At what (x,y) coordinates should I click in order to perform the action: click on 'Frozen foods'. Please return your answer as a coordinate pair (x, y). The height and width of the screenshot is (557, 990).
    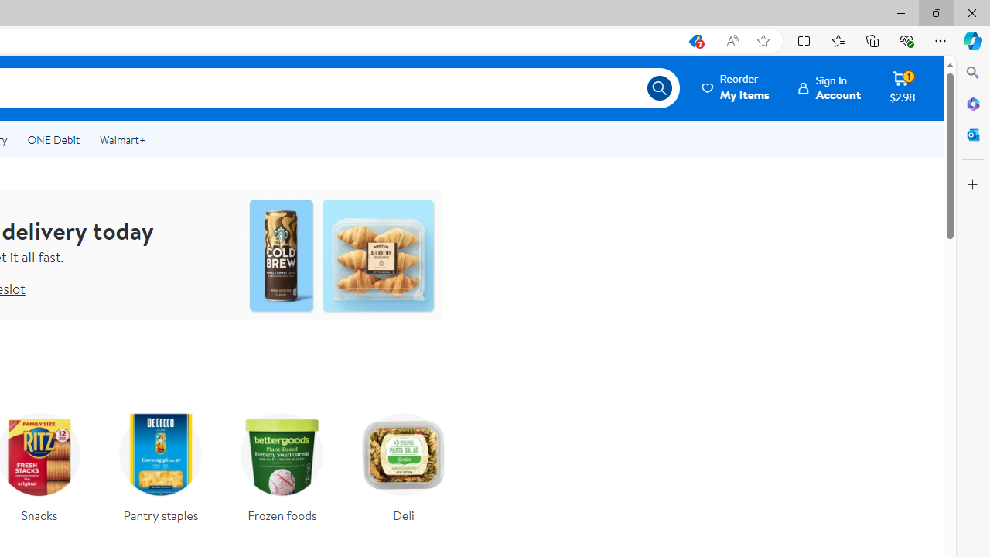
    Looking at the image, I should click on (282, 463).